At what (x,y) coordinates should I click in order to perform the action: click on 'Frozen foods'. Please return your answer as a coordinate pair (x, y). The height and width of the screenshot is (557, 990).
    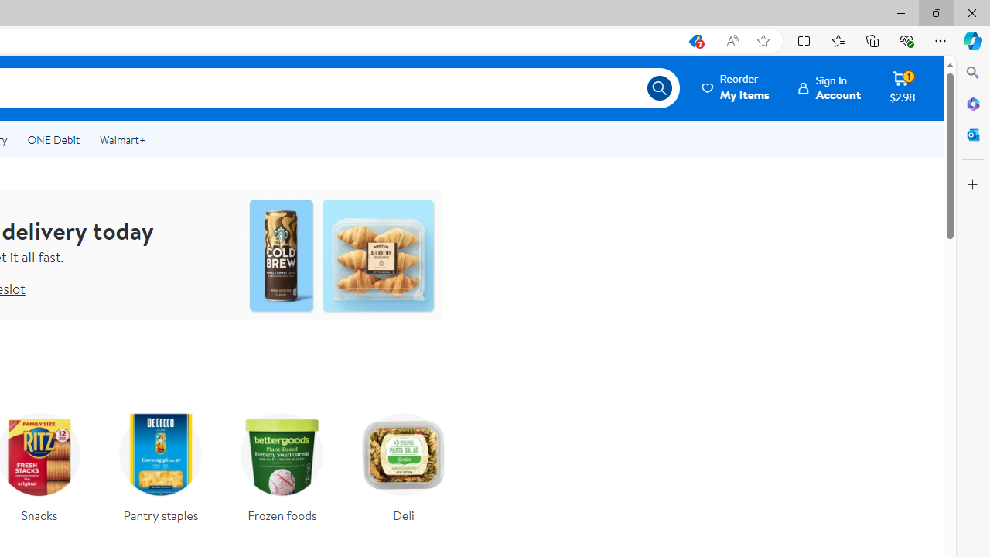
    Looking at the image, I should click on (282, 463).